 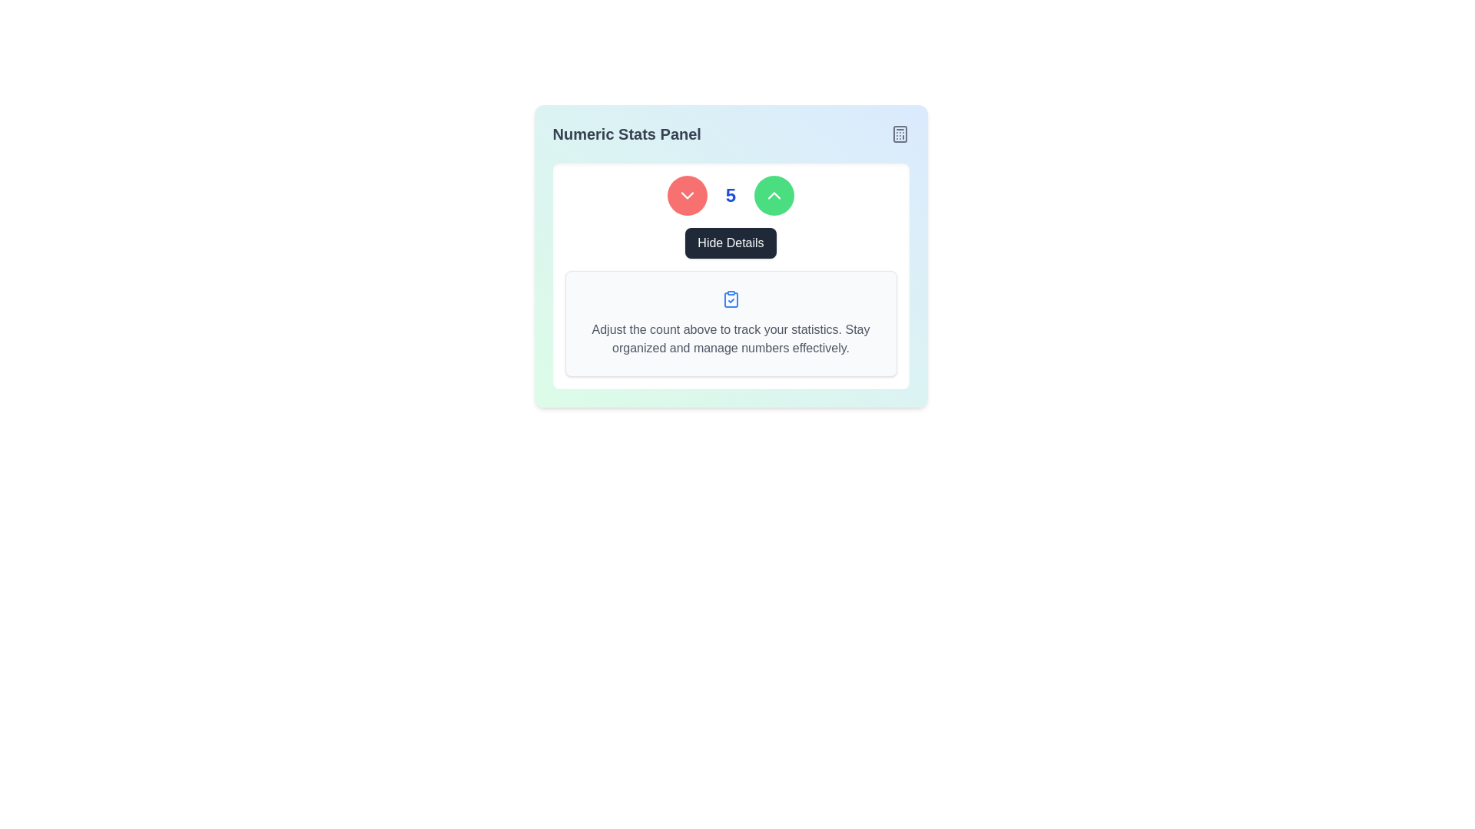 What do you see at coordinates (686, 194) in the screenshot?
I see `the circular red button with a downward-facing white chevron icon, positioned as the first element in a horizontal layout` at bounding box center [686, 194].